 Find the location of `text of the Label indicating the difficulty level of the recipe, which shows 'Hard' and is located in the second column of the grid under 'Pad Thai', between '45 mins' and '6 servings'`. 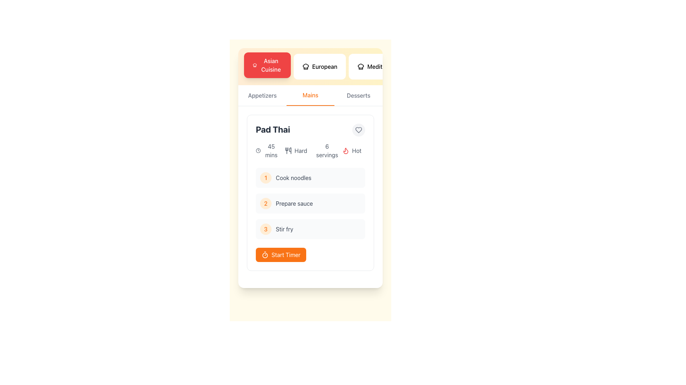

text of the Label indicating the difficulty level of the recipe, which shows 'Hard' and is located in the second column of the grid under 'Pad Thai', between '45 mins' and '6 servings' is located at coordinates (296, 150).